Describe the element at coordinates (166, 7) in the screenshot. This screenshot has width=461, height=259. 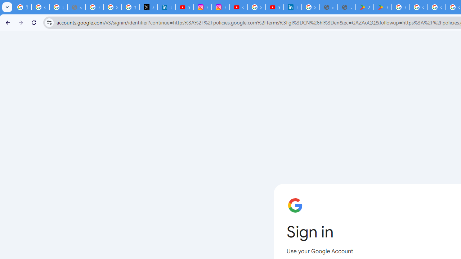
I see `'LinkedIn Privacy Policy'` at that location.